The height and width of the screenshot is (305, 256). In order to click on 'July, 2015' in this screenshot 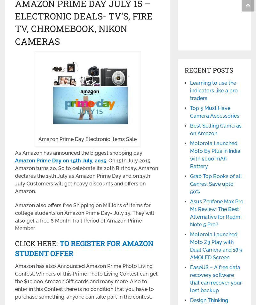, I will do `click(93, 160)`.